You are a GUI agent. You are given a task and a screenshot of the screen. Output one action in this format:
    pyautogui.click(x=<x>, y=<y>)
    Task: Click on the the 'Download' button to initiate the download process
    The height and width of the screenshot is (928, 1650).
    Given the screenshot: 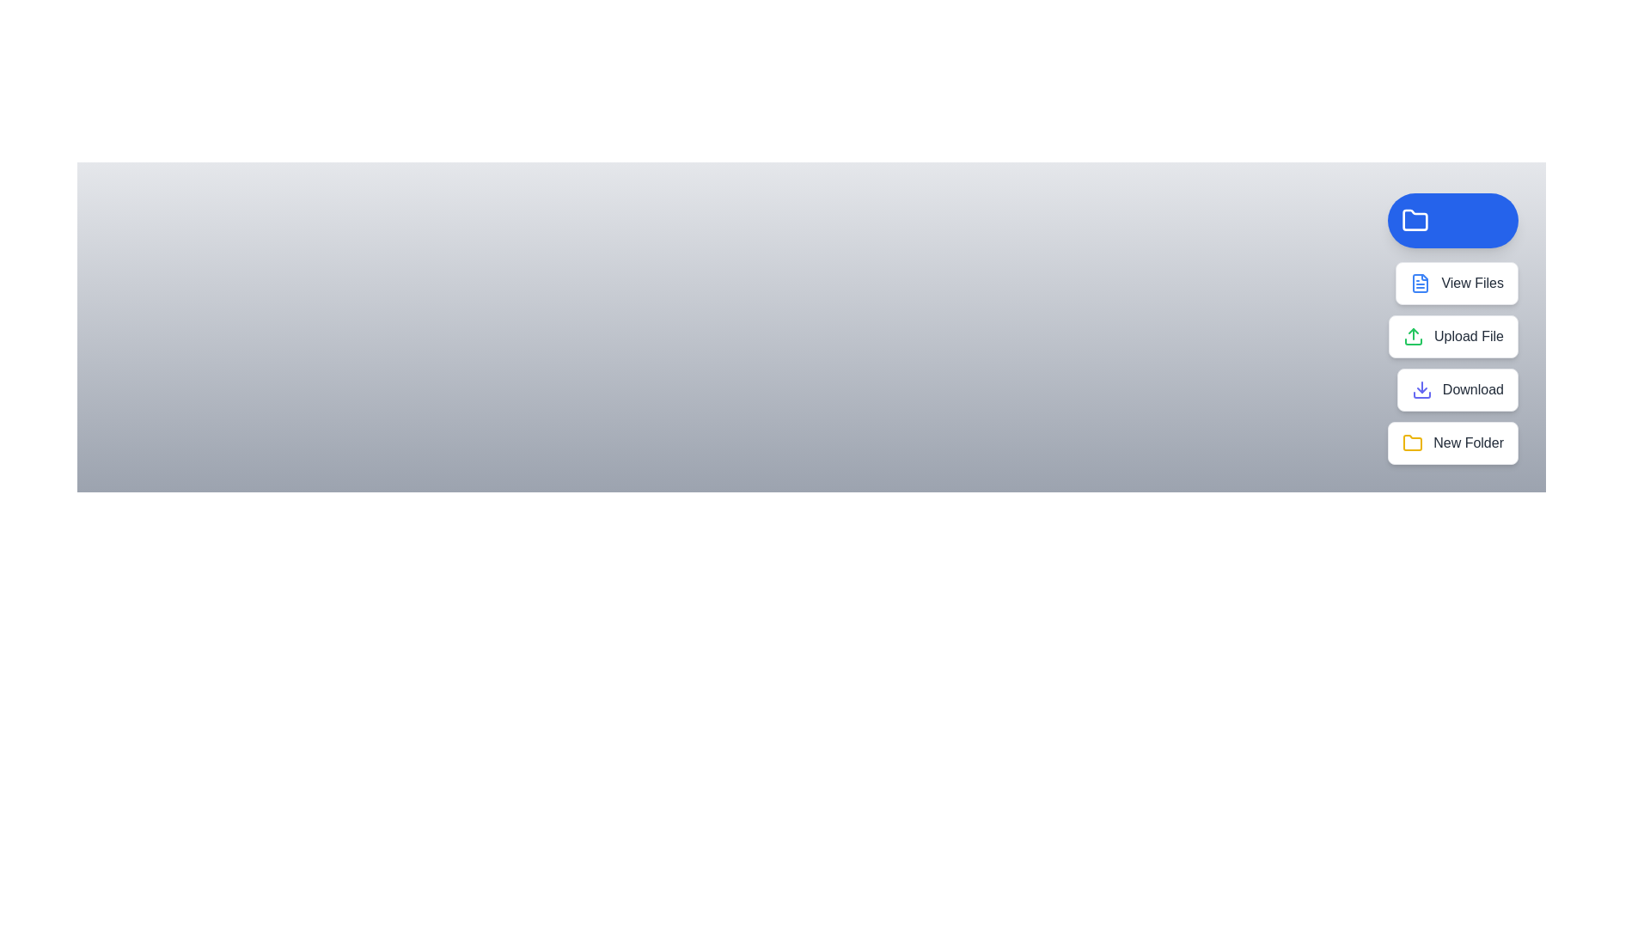 What is the action you would take?
    pyautogui.click(x=1456, y=390)
    